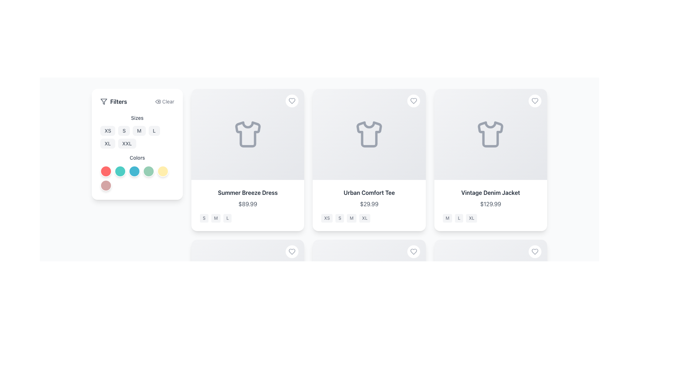 The height and width of the screenshot is (384, 683). Describe the element at coordinates (292, 101) in the screenshot. I see `the heart icon` at that location.